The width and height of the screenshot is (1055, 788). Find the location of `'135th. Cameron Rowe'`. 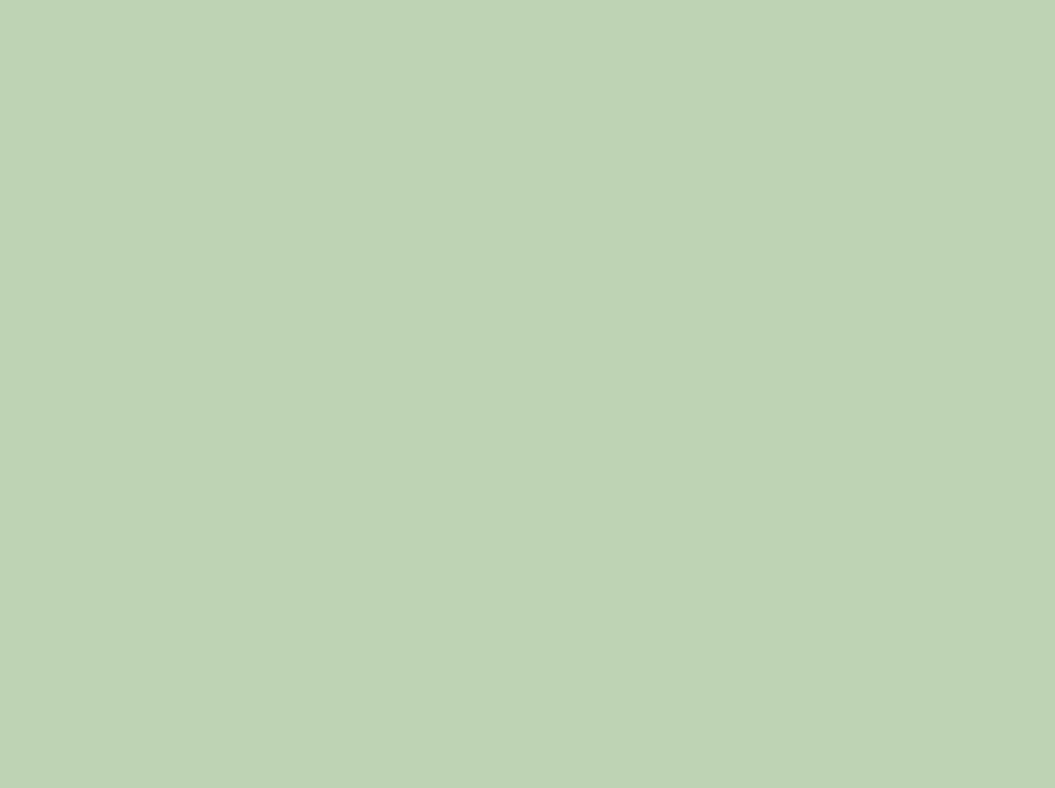

'135th. Cameron Rowe' is located at coordinates (453, 649).